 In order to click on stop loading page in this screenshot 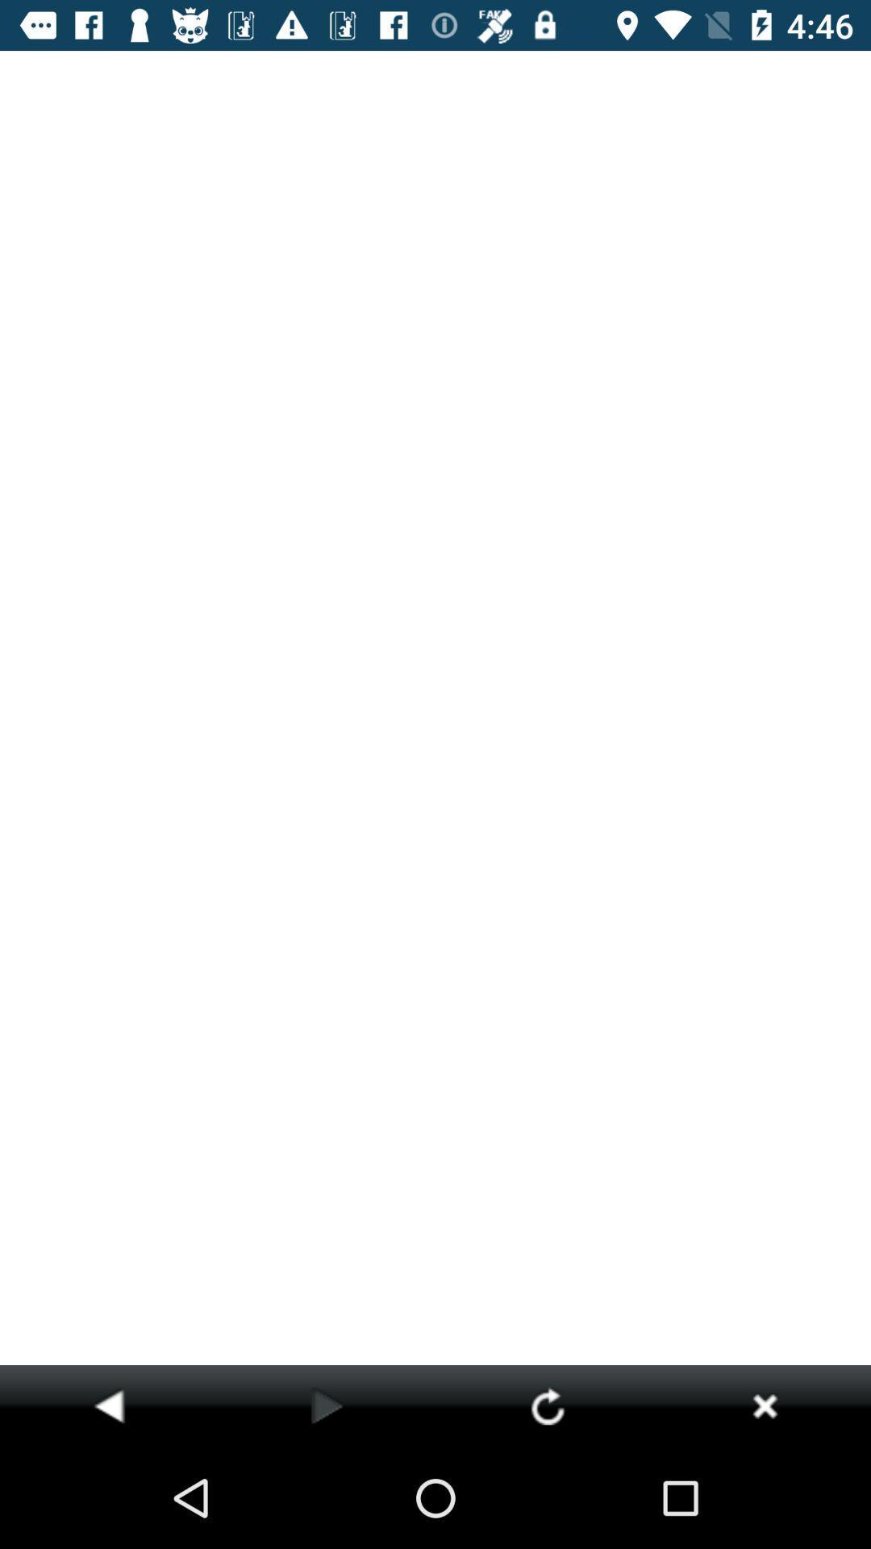, I will do `click(764, 1405)`.